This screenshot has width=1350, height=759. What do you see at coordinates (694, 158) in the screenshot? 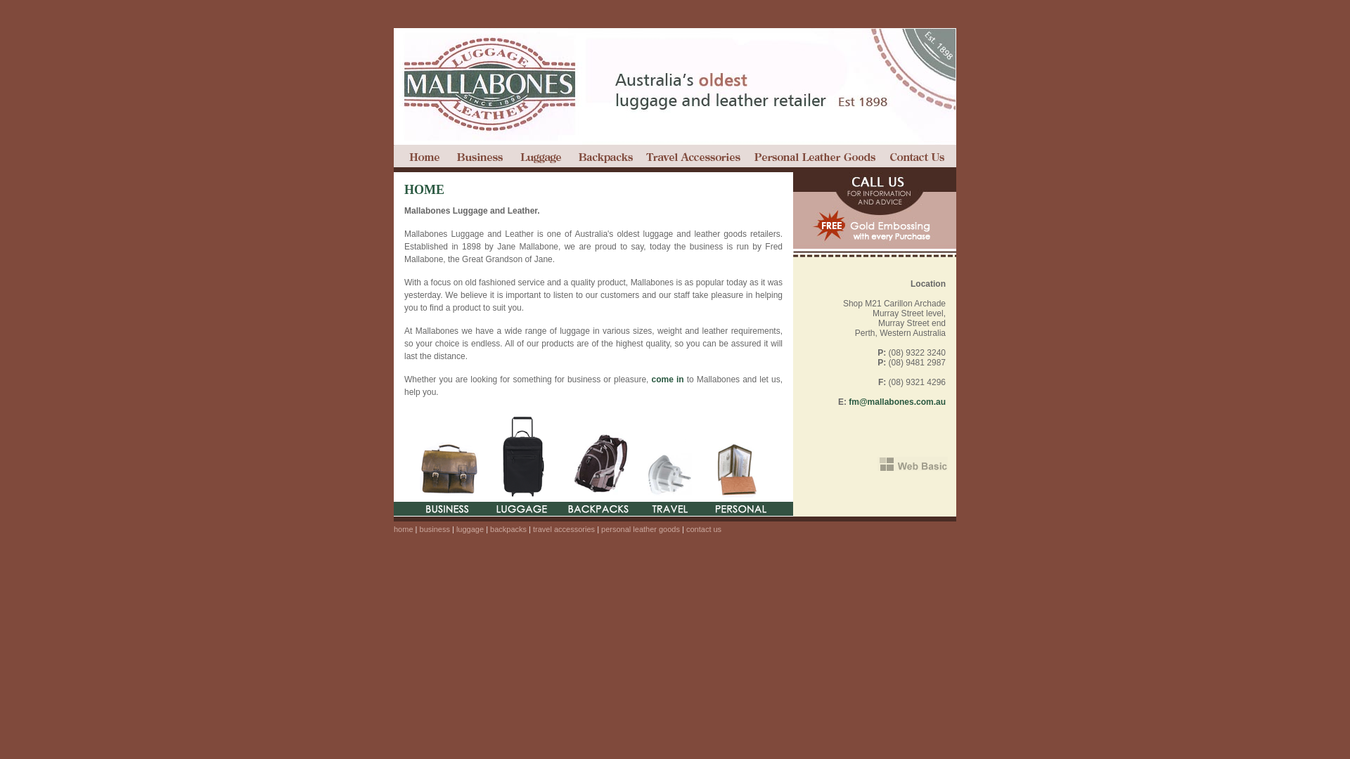
I see `'travel accessories'` at bounding box center [694, 158].